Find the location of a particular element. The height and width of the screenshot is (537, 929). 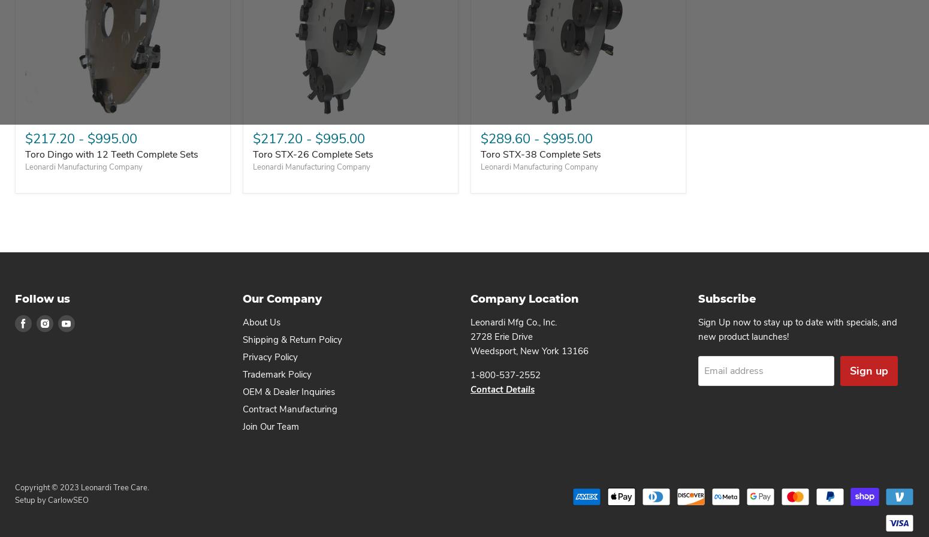

'Privacy Policy' is located at coordinates (270, 357).